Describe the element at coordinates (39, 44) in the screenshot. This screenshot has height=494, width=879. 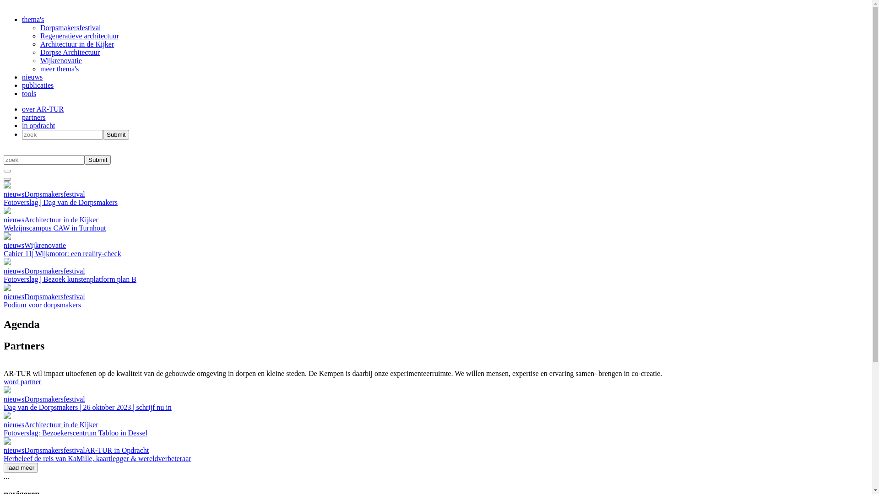
I see `'Architectuur in de Kijker'` at that location.